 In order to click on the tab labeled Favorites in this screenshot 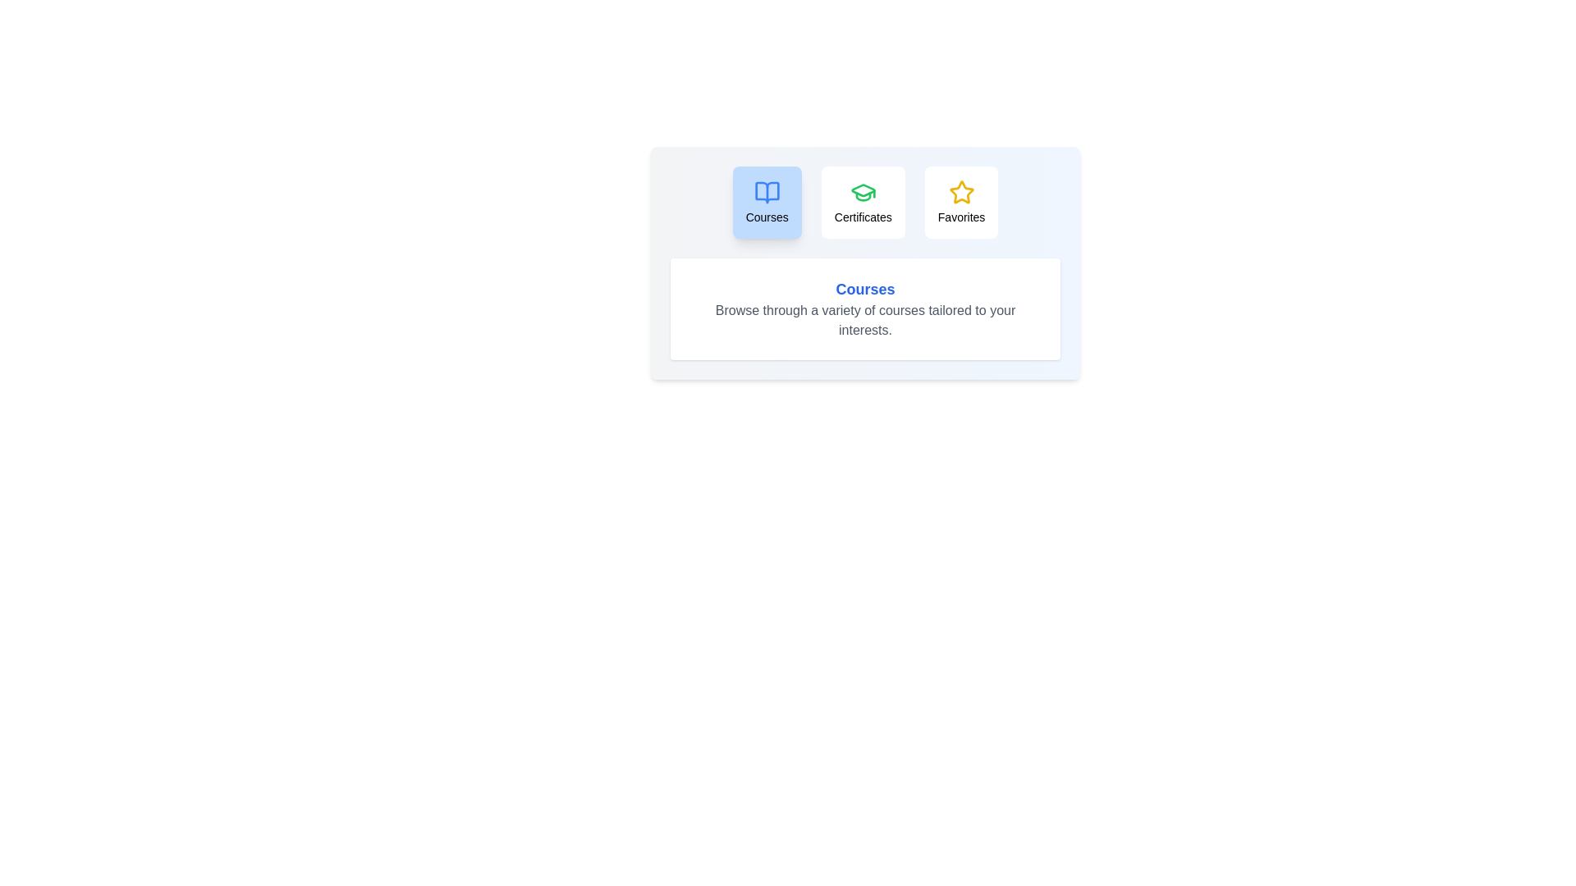, I will do `click(961, 201)`.